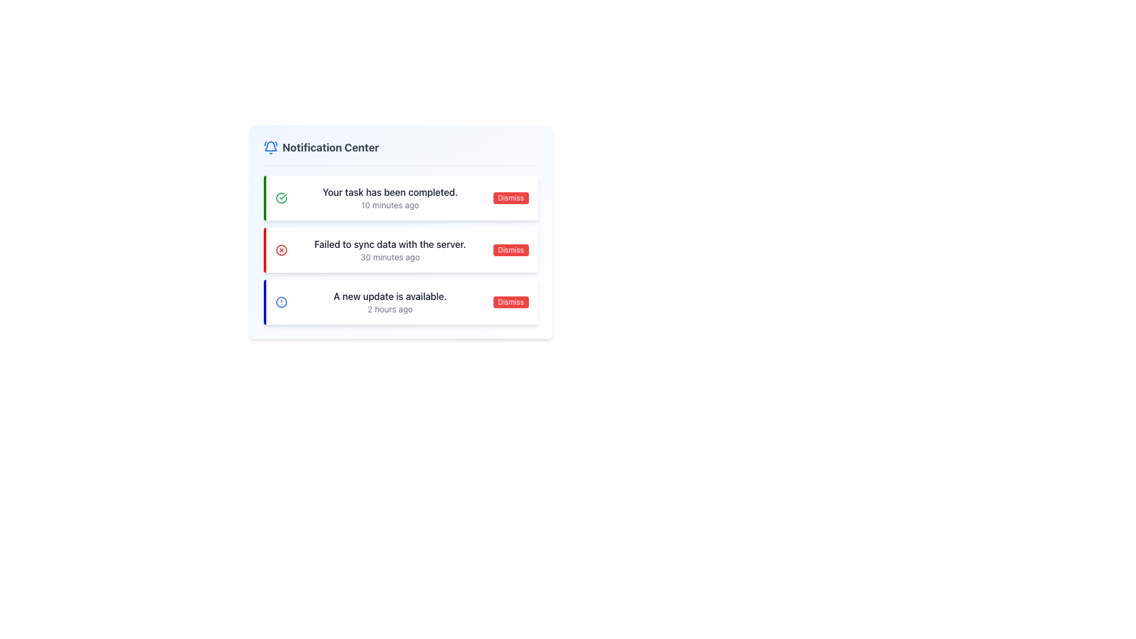  I want to click on the notification icon located in the third row of the notification list, which is associated with the message 'A new update is available.', so click(280, 301).